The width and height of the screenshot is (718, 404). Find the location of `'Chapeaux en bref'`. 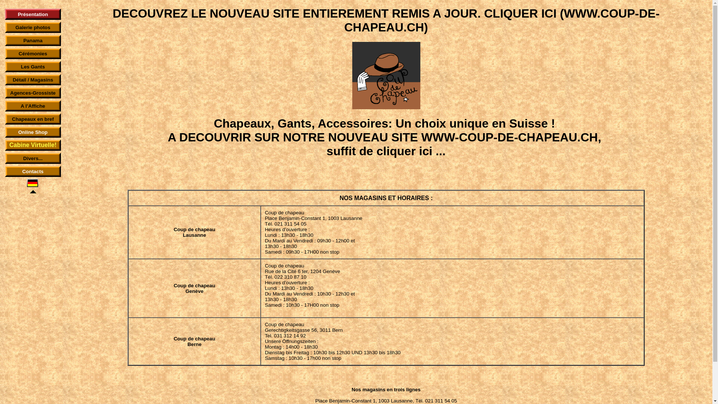

'Chapeaux en bref' is located at coordinates (32, 118).